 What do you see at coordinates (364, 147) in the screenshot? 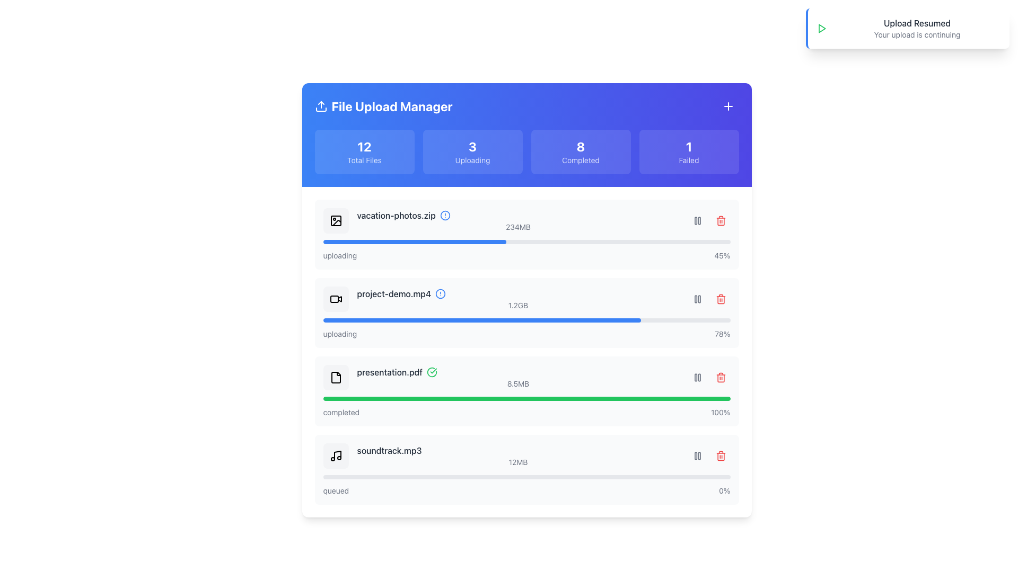
I see `the numeric text display showing '12' within the 'Total Files' card on the main page layout` at bounding box center [364, 147].